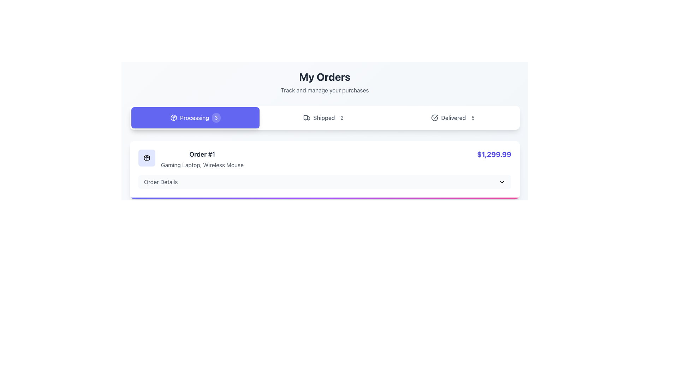  What do you see at coordinates (342, 117) in the screenshot?
I see `displayed count on the Badge/Label indicating the number of shipped items located to the right of the 'Shipped' text` at bounding box center [342, 117].